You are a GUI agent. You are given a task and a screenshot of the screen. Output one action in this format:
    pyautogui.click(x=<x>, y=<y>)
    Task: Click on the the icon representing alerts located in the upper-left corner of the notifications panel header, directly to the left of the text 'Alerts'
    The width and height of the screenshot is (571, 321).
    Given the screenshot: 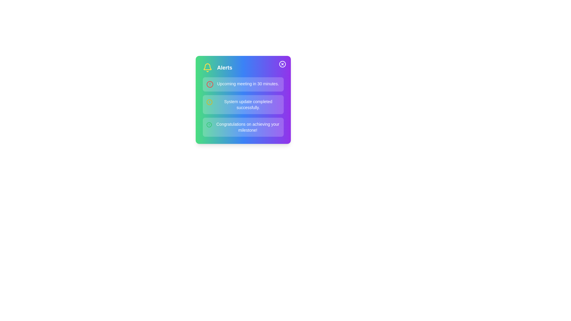 What is the action you would take?
    pyautogui.click(x=207, y=67)
    